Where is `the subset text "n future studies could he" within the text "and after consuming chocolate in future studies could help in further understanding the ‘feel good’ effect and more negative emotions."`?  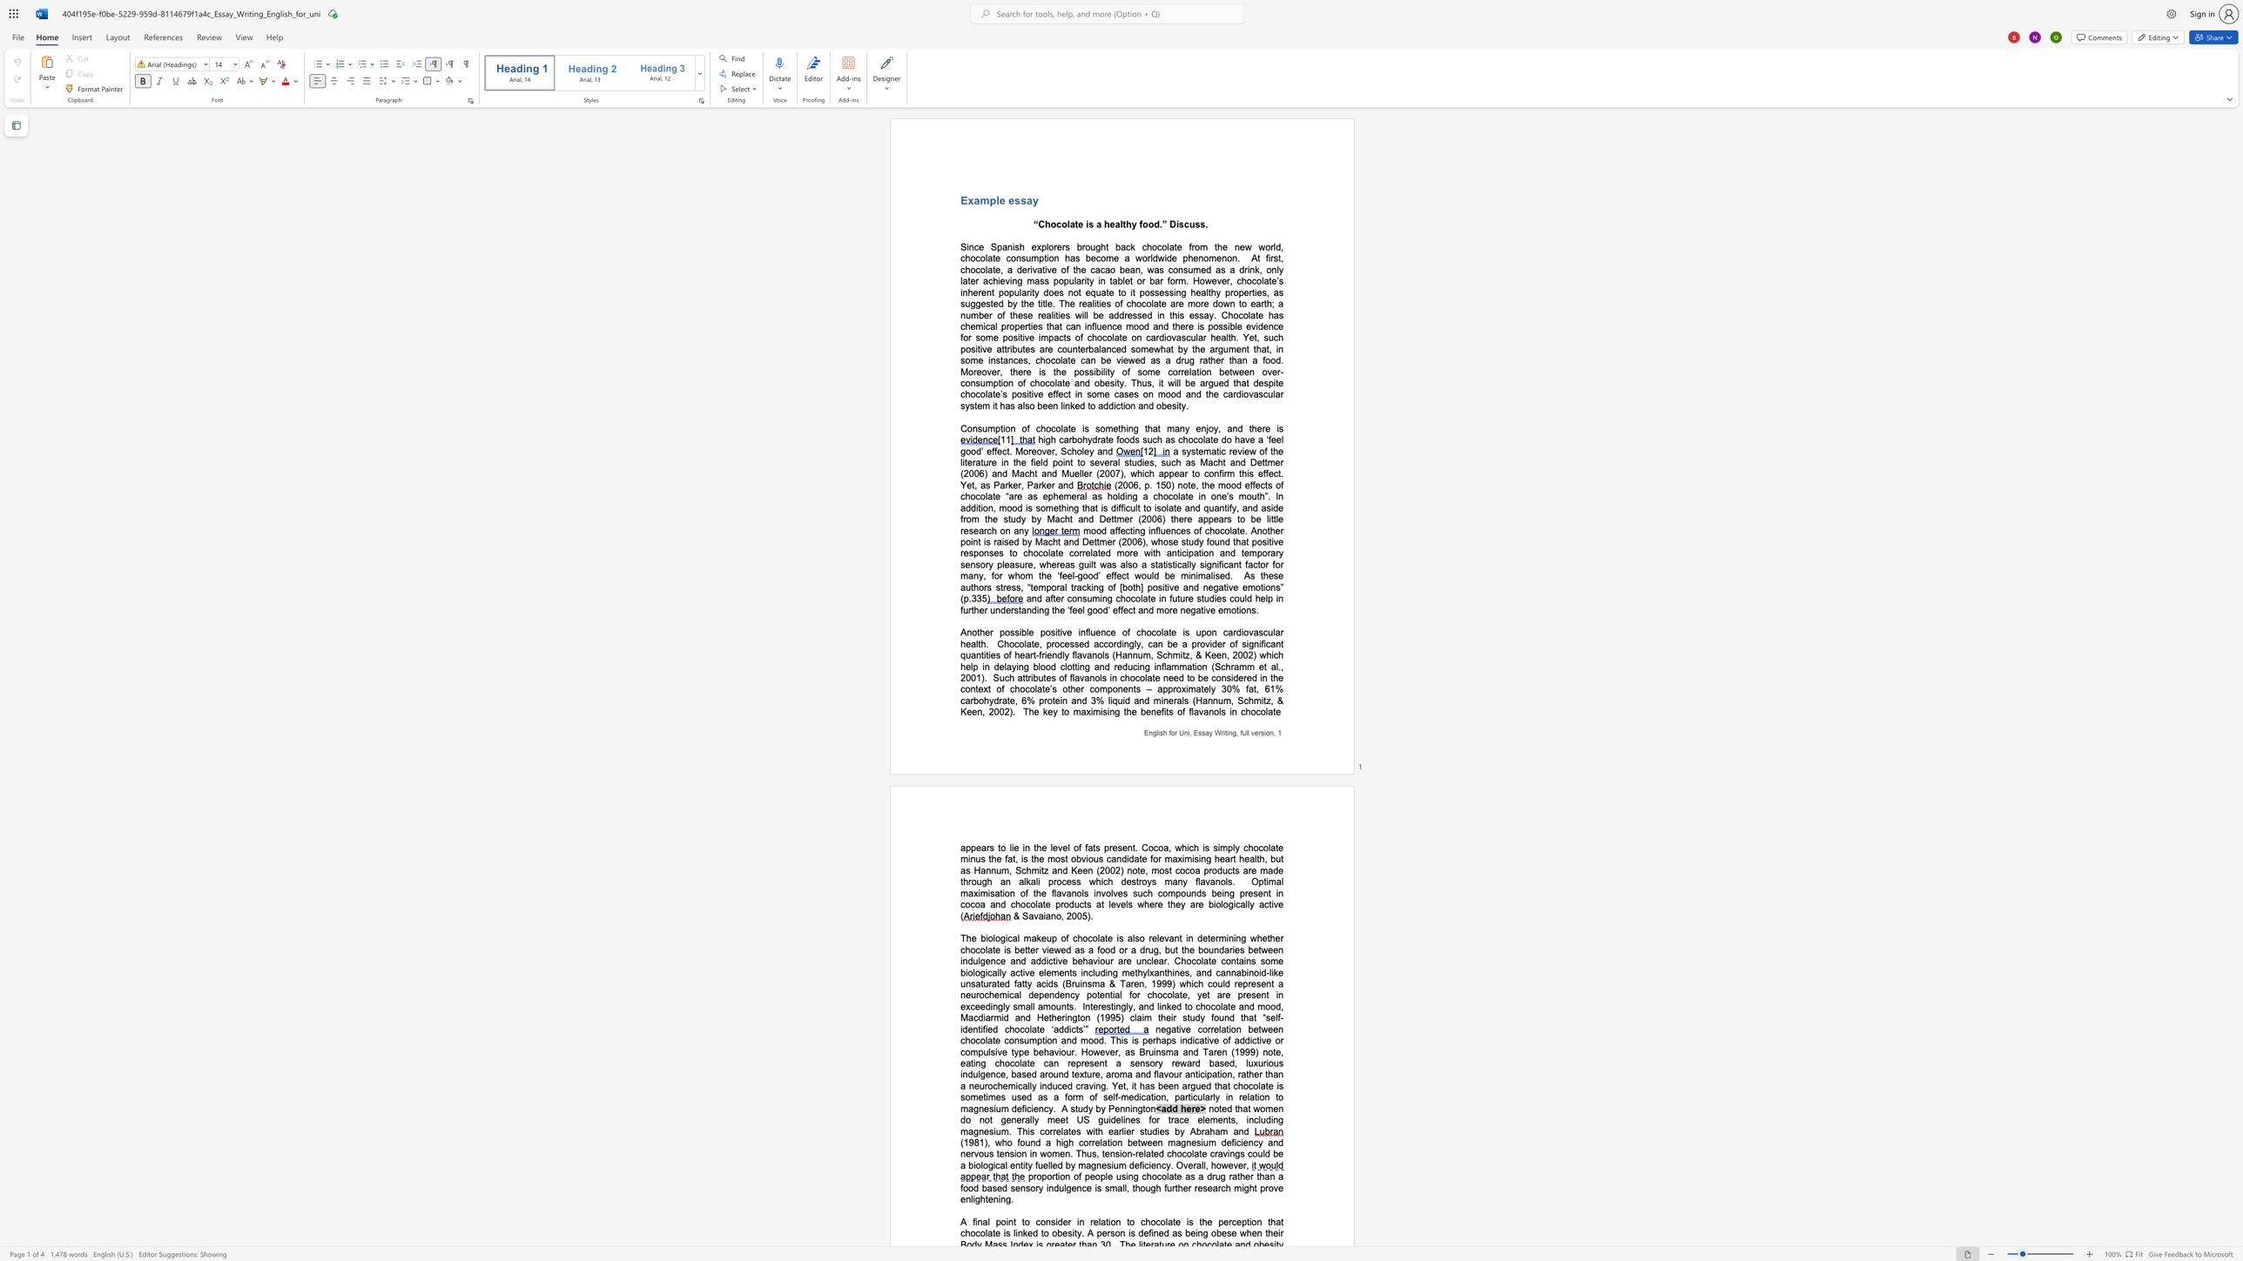
the subset text "n future studies could he" within the text "and after consuming chocolate in future studies could help in further understanding the ‘feel good’ effect and more negative emotions." is located at coordinates (1160, 597).